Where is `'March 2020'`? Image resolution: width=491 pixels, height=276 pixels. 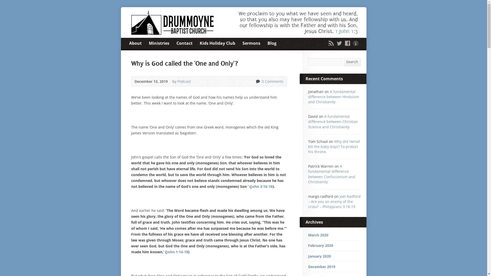 'March 2020' is located at coordinates (308, 235).